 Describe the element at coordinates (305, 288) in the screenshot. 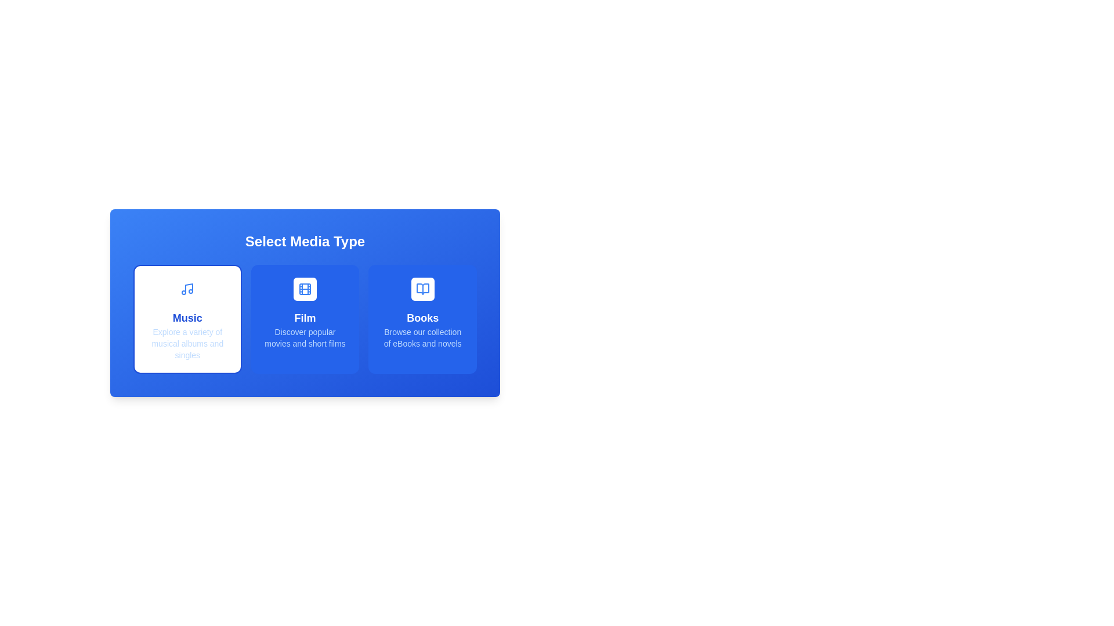

I see `the SVG Rectangle element that symbolizes the 'Film' media type, which is centered within the 'Film' button` at that location.